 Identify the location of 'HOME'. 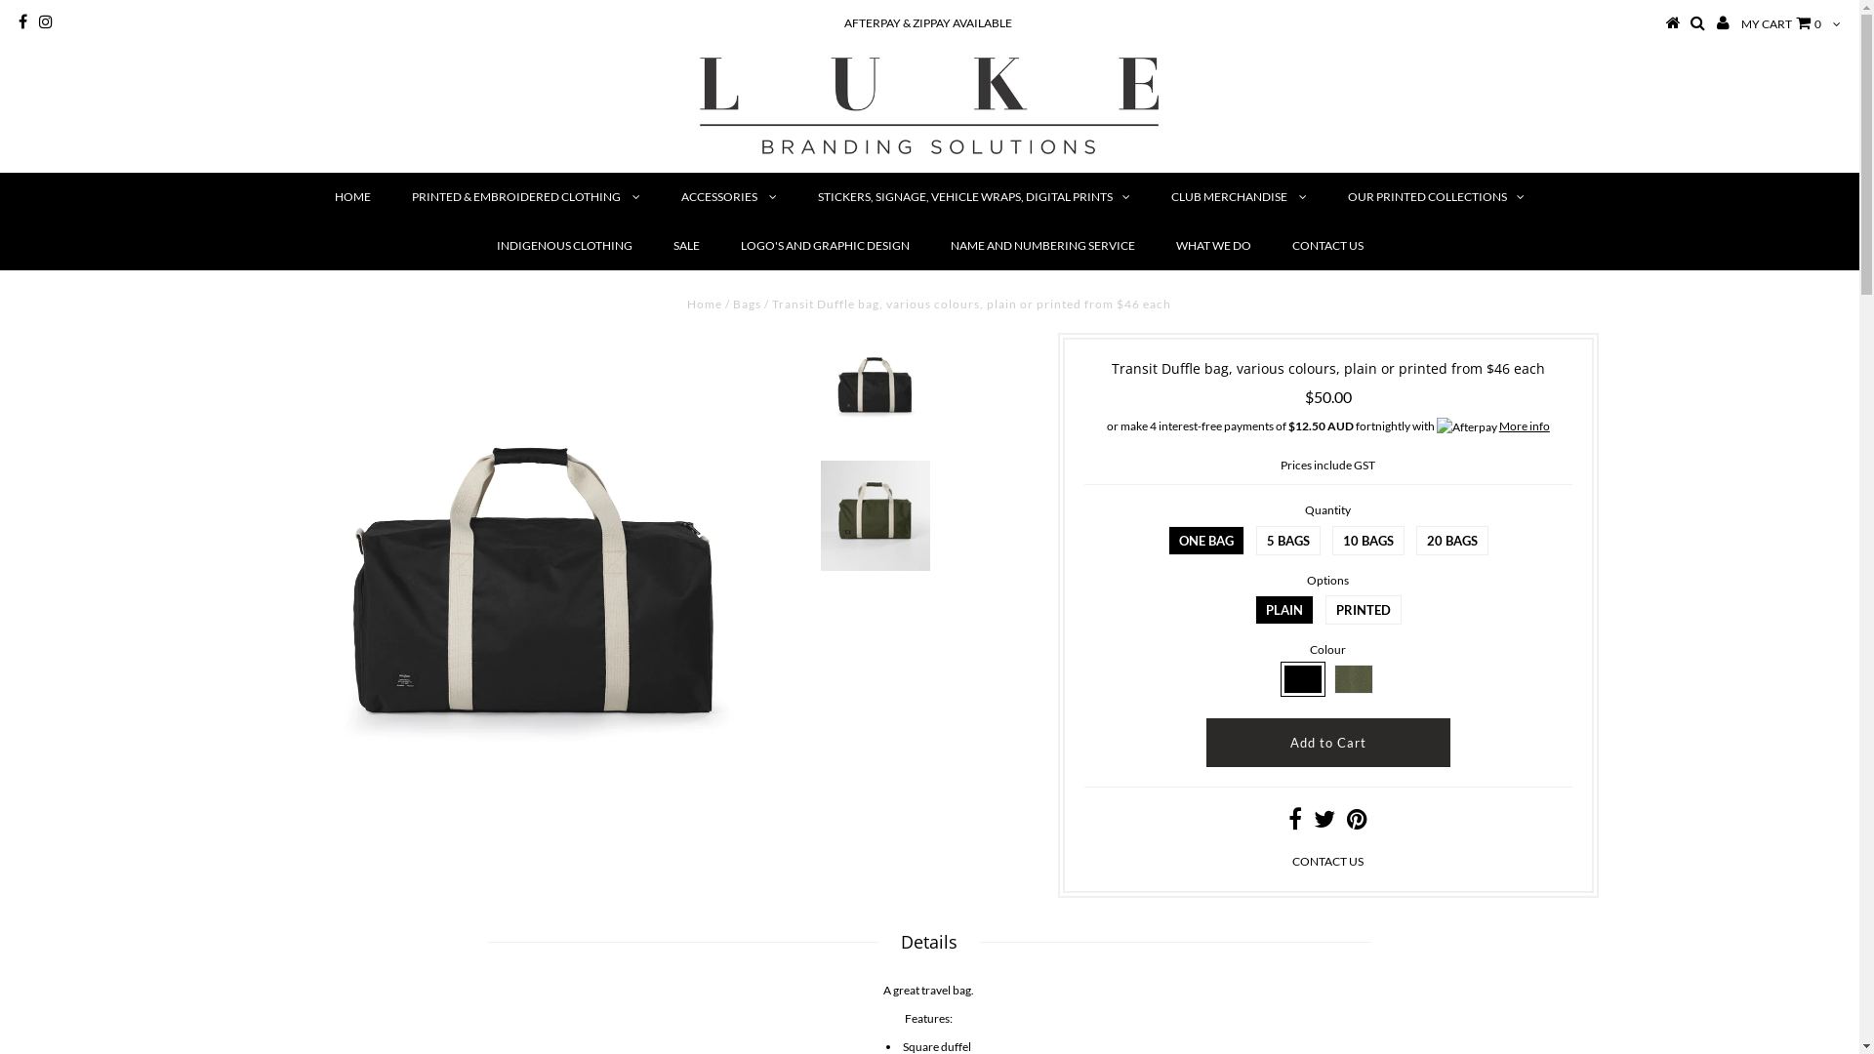
(352, 196).